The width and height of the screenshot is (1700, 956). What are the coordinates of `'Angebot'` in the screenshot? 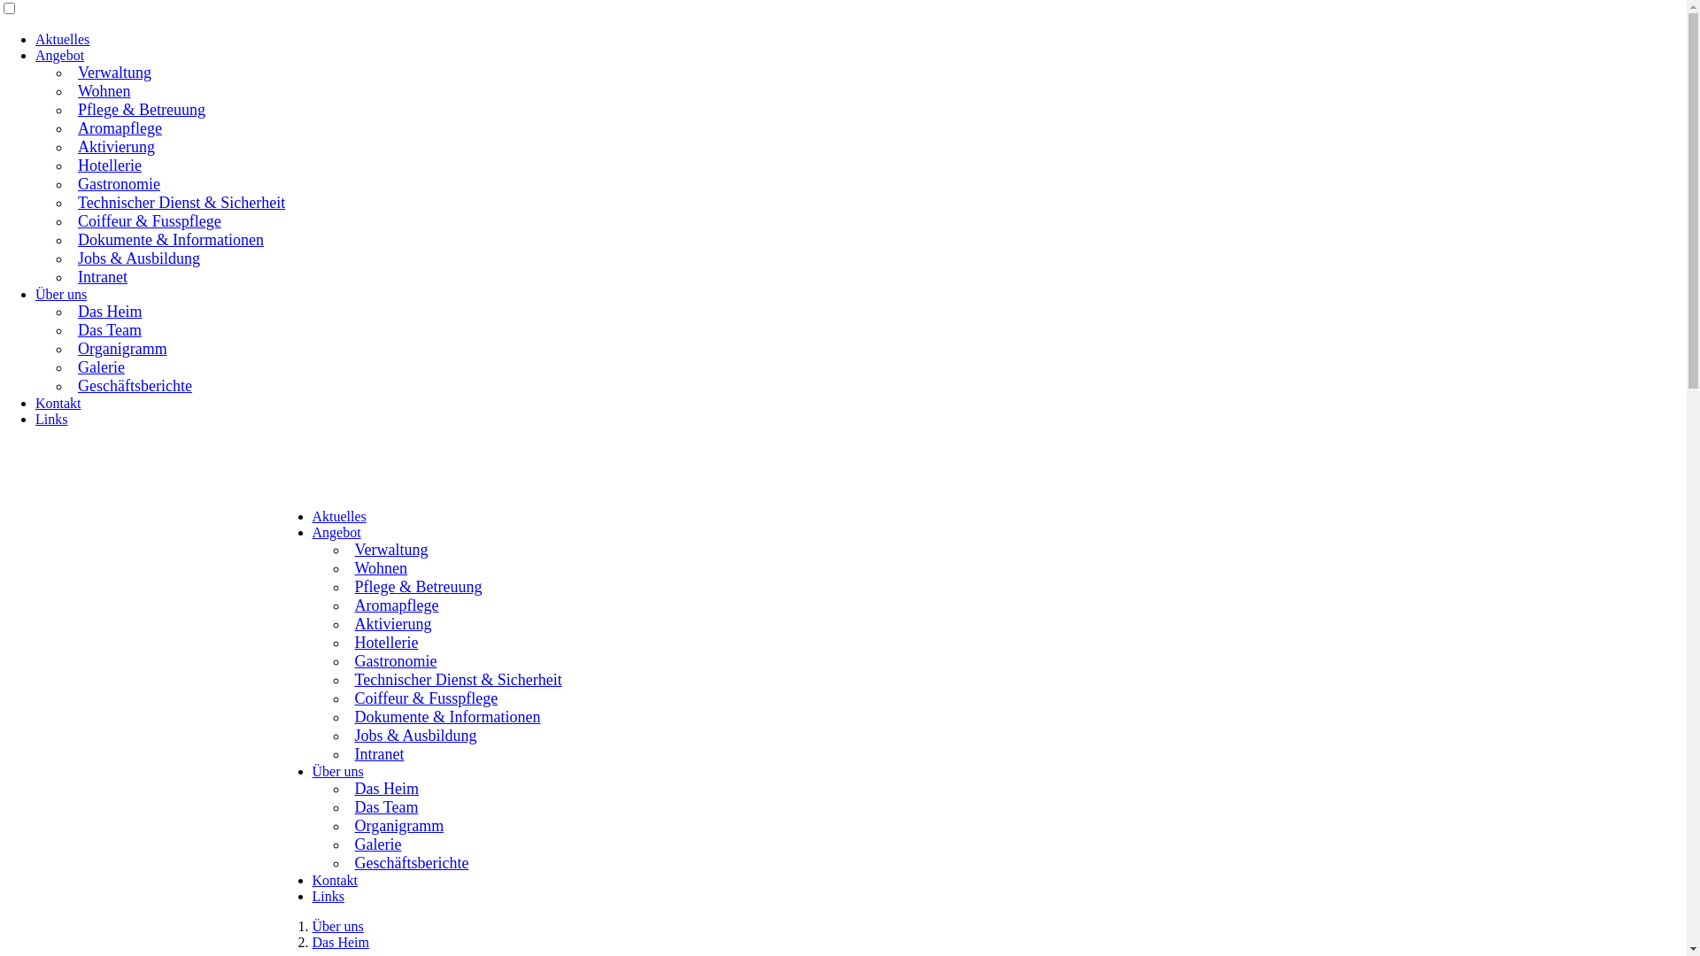 It's located at (336, 531).